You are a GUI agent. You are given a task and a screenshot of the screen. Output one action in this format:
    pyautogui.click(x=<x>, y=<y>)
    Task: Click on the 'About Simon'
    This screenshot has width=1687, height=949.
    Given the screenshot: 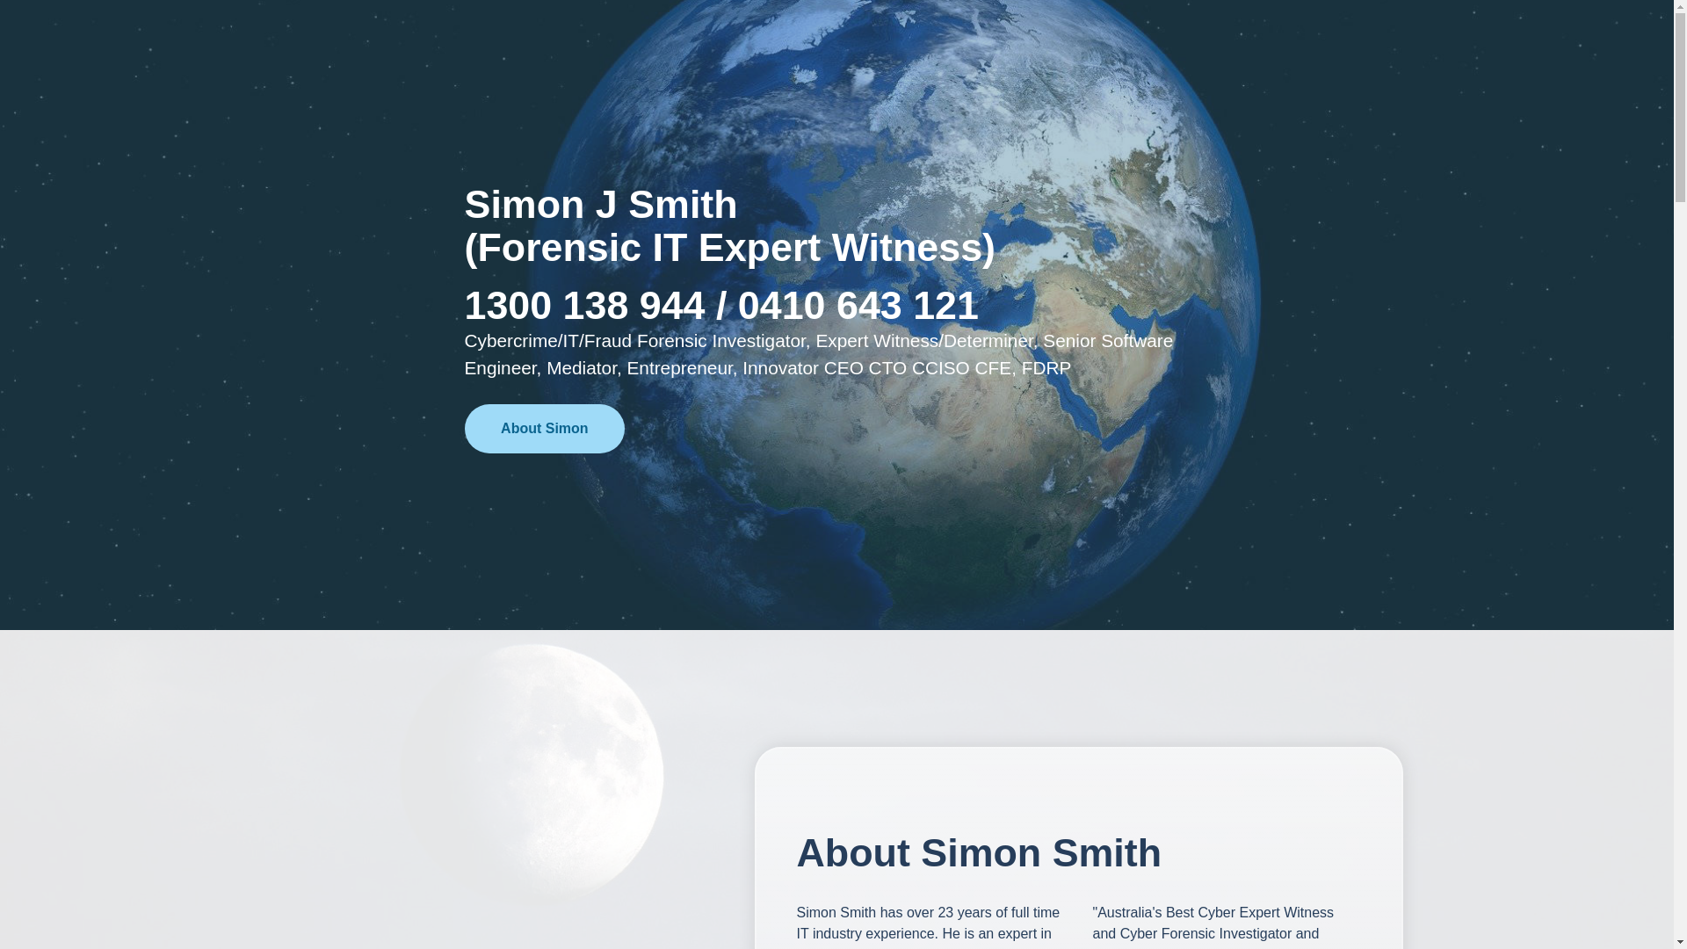 What is the action you would take?
    pyautogui.click(x=543, y=429)
    